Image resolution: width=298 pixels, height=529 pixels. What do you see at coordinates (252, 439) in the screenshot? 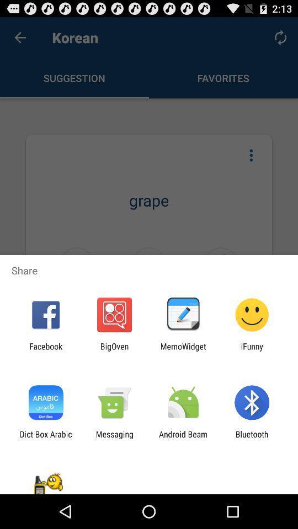
I see `the app next to android beam icon` at bounding box center [252, 439].